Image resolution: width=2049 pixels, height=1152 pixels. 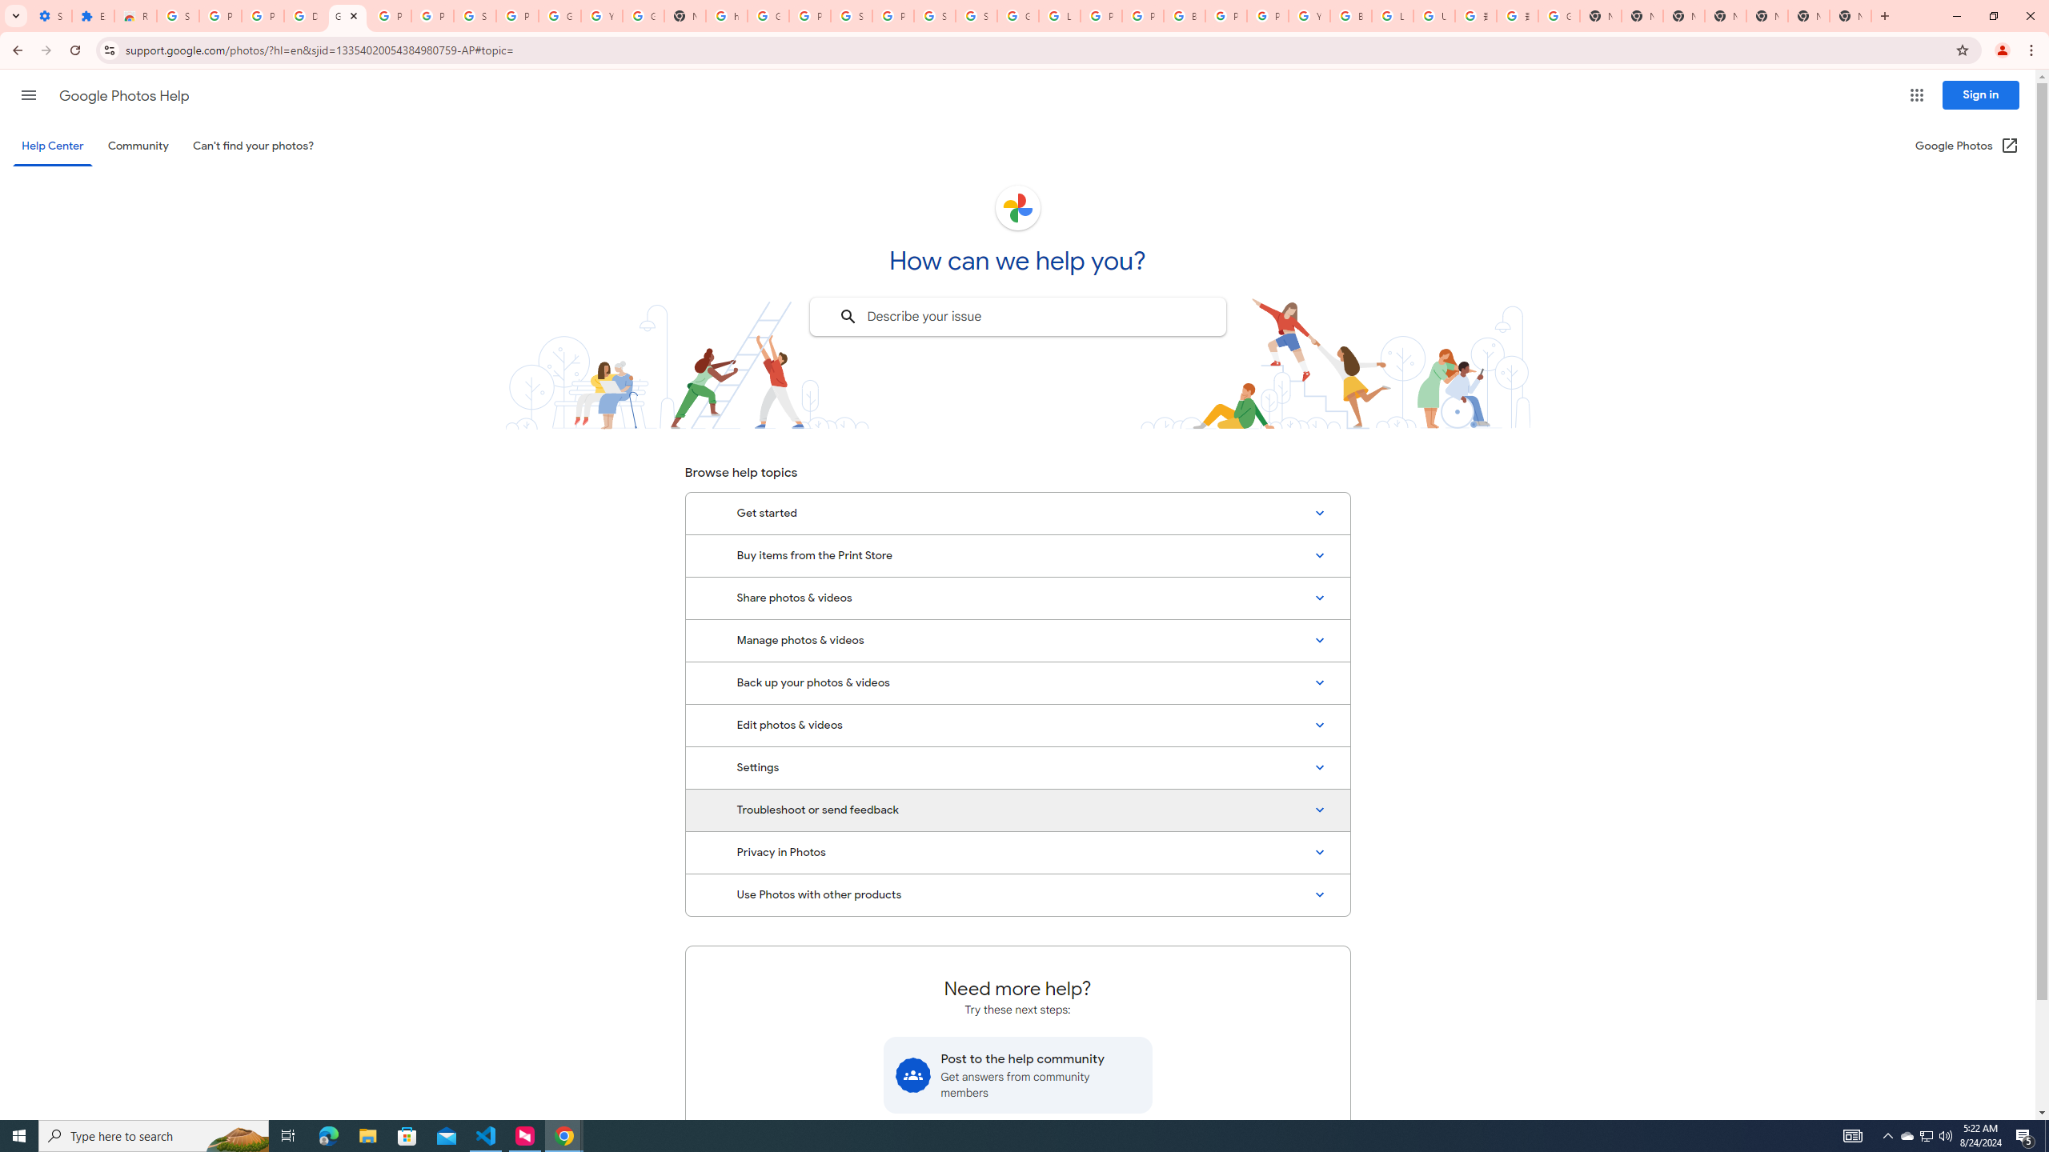 What do you see at coordinates (1017, 598) in the screenshot?
I see `'Share photos & videos'` at bounding box center [1017, 598].